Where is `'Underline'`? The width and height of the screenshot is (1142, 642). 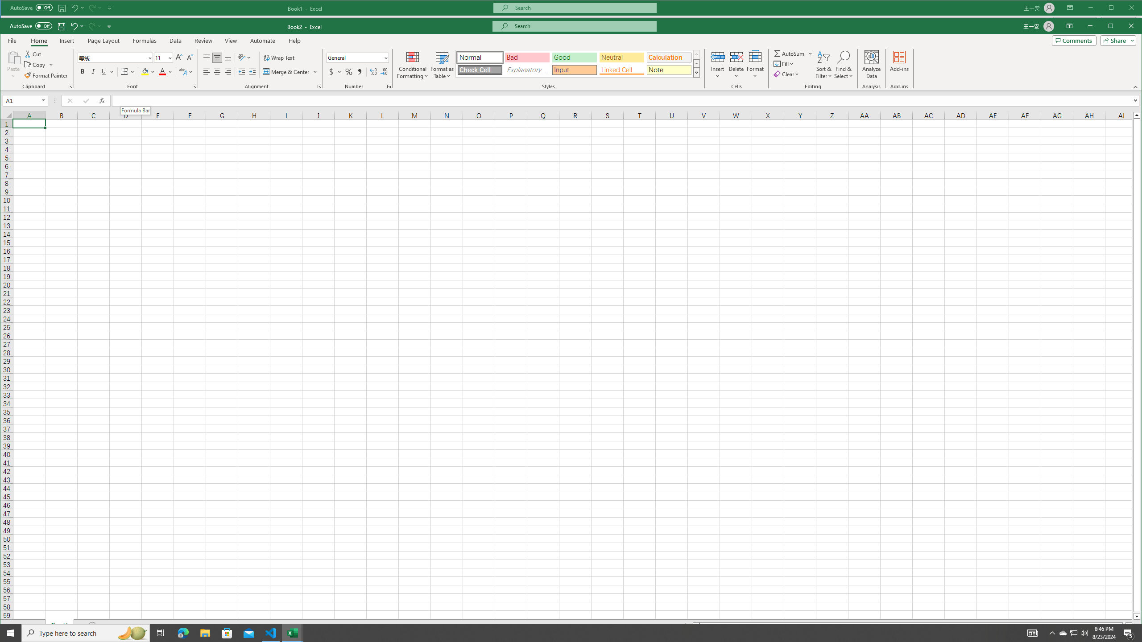 'Underline' is located at coordinates (107, 71).